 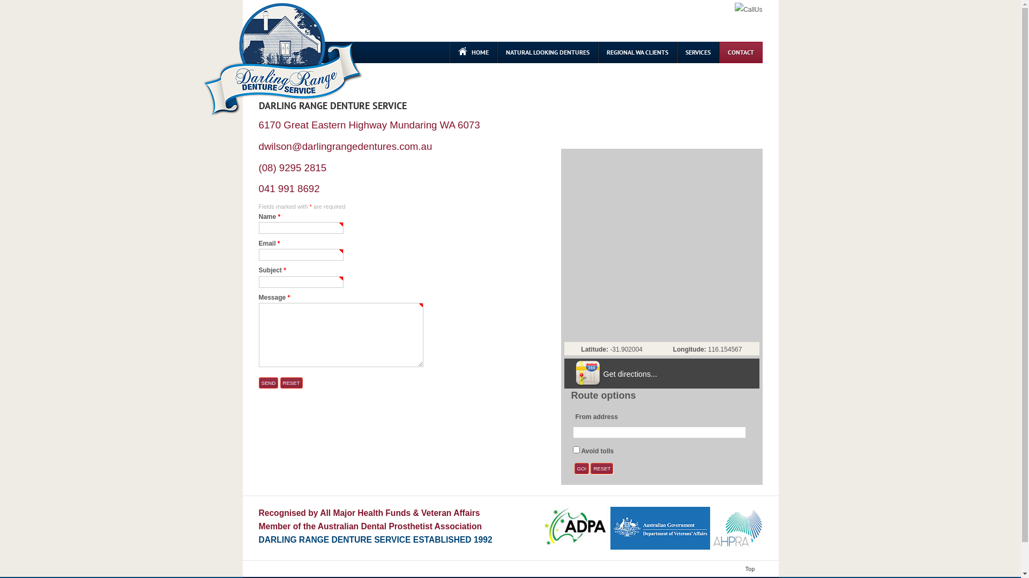 I want to click on 'REGIONAL WA CLIENTS', so click(x=637, y=52).